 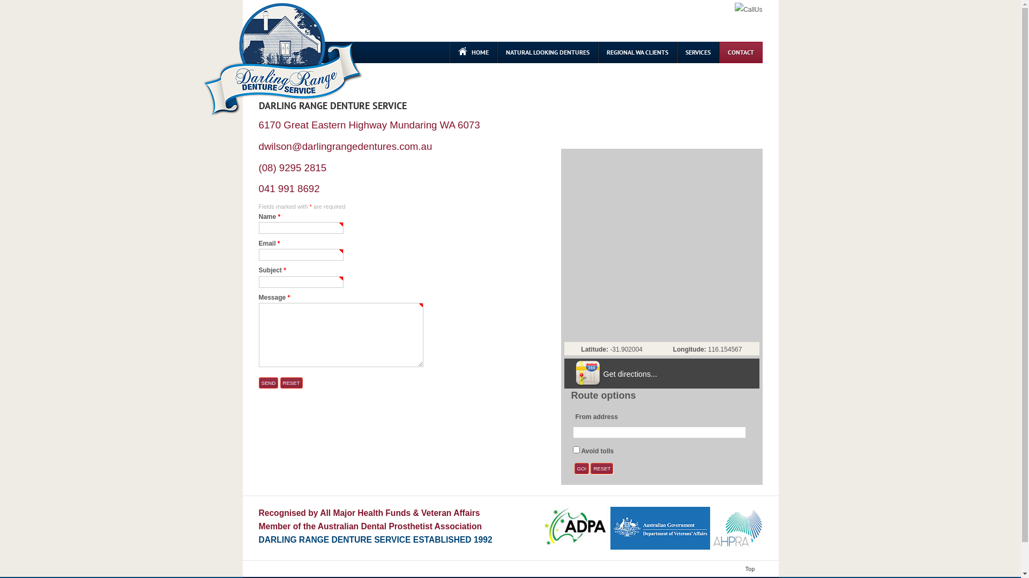 I want to click on 'REGIONAL WA CLIENTS', so click(x=637, y=52).